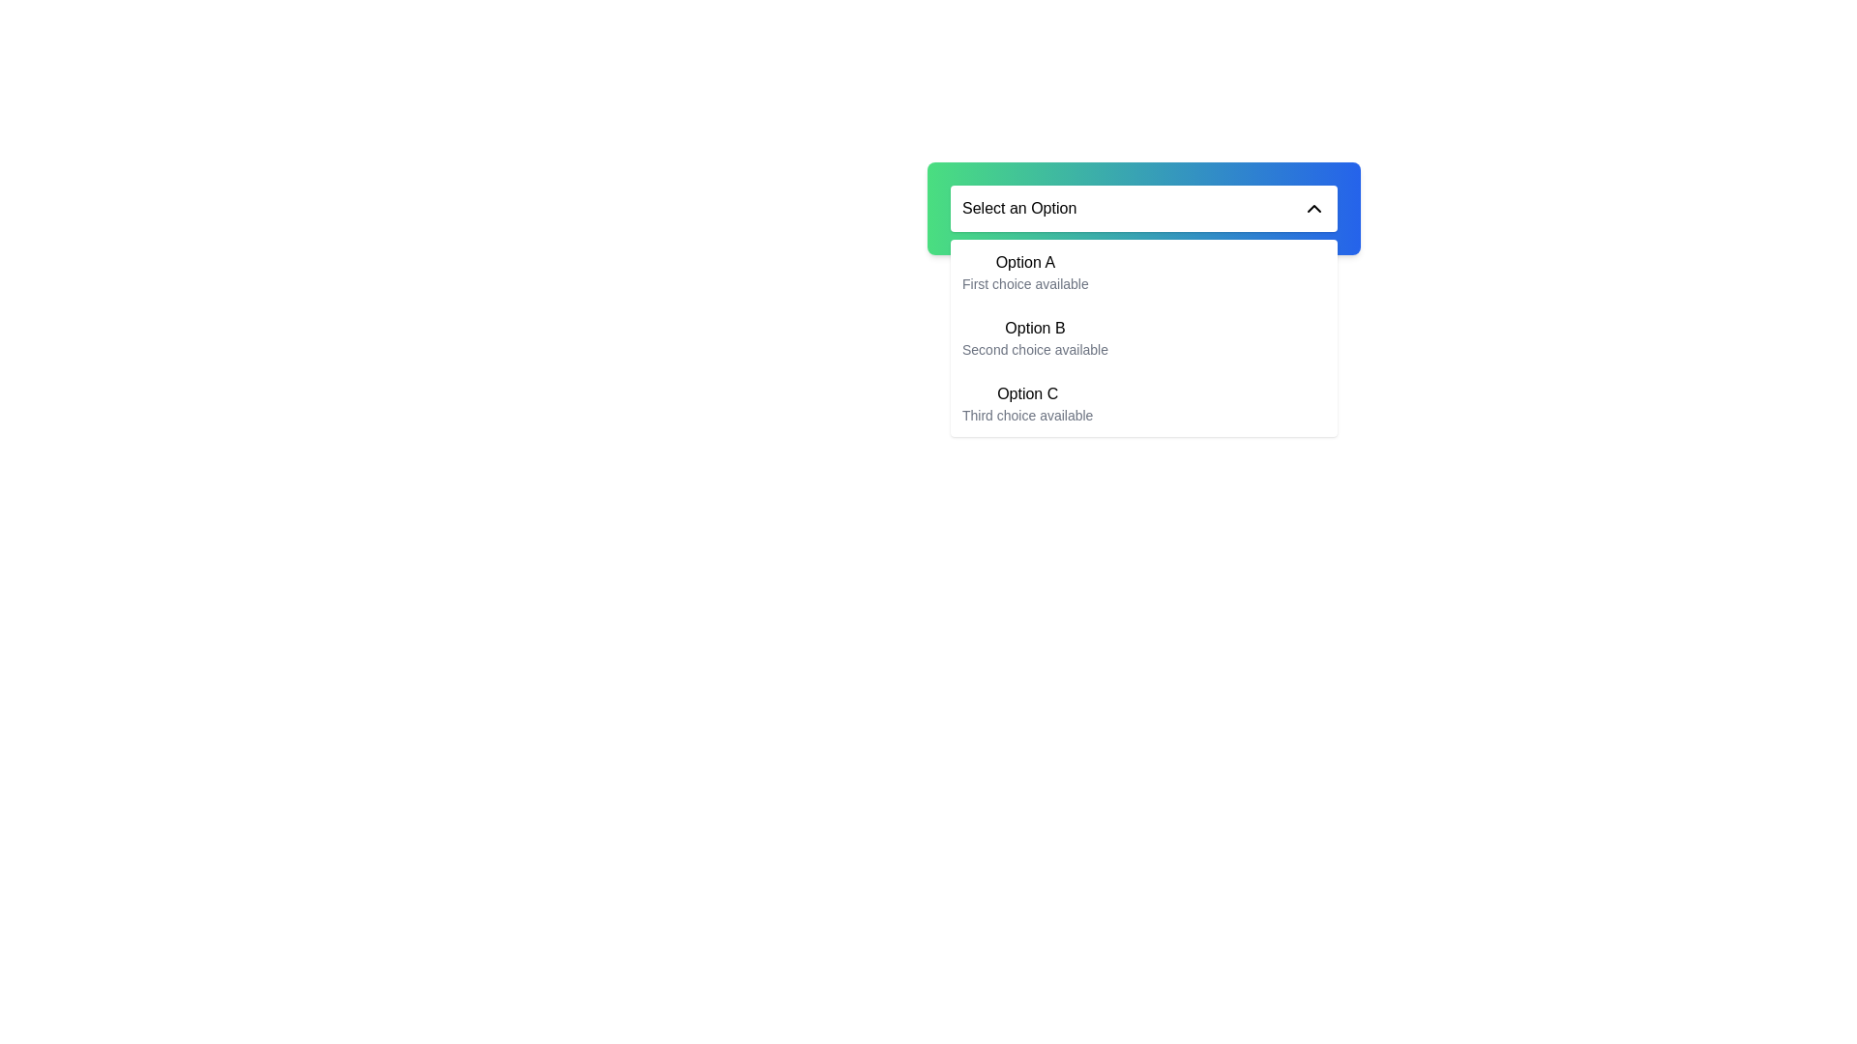 The height and width of the screenshot is (1044, 1857). What do you see at coordinates (1024, 263) in the screenshot?
I see `text label that displays the title of the first option in the dropdown menu located beneath the 'Select an Option' selector` at bounding box center [1024, 263].